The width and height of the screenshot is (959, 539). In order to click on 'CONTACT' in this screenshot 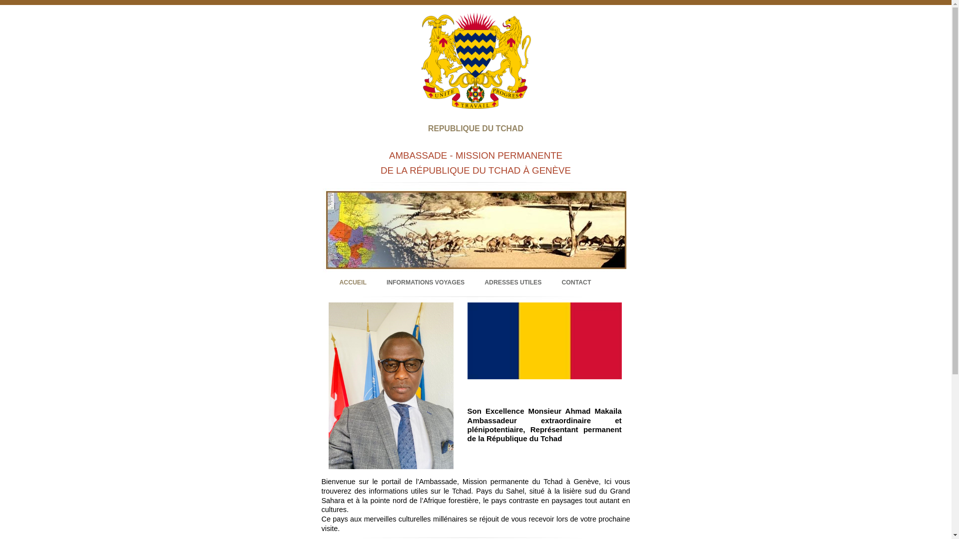, I will do `click(561, 282)`.